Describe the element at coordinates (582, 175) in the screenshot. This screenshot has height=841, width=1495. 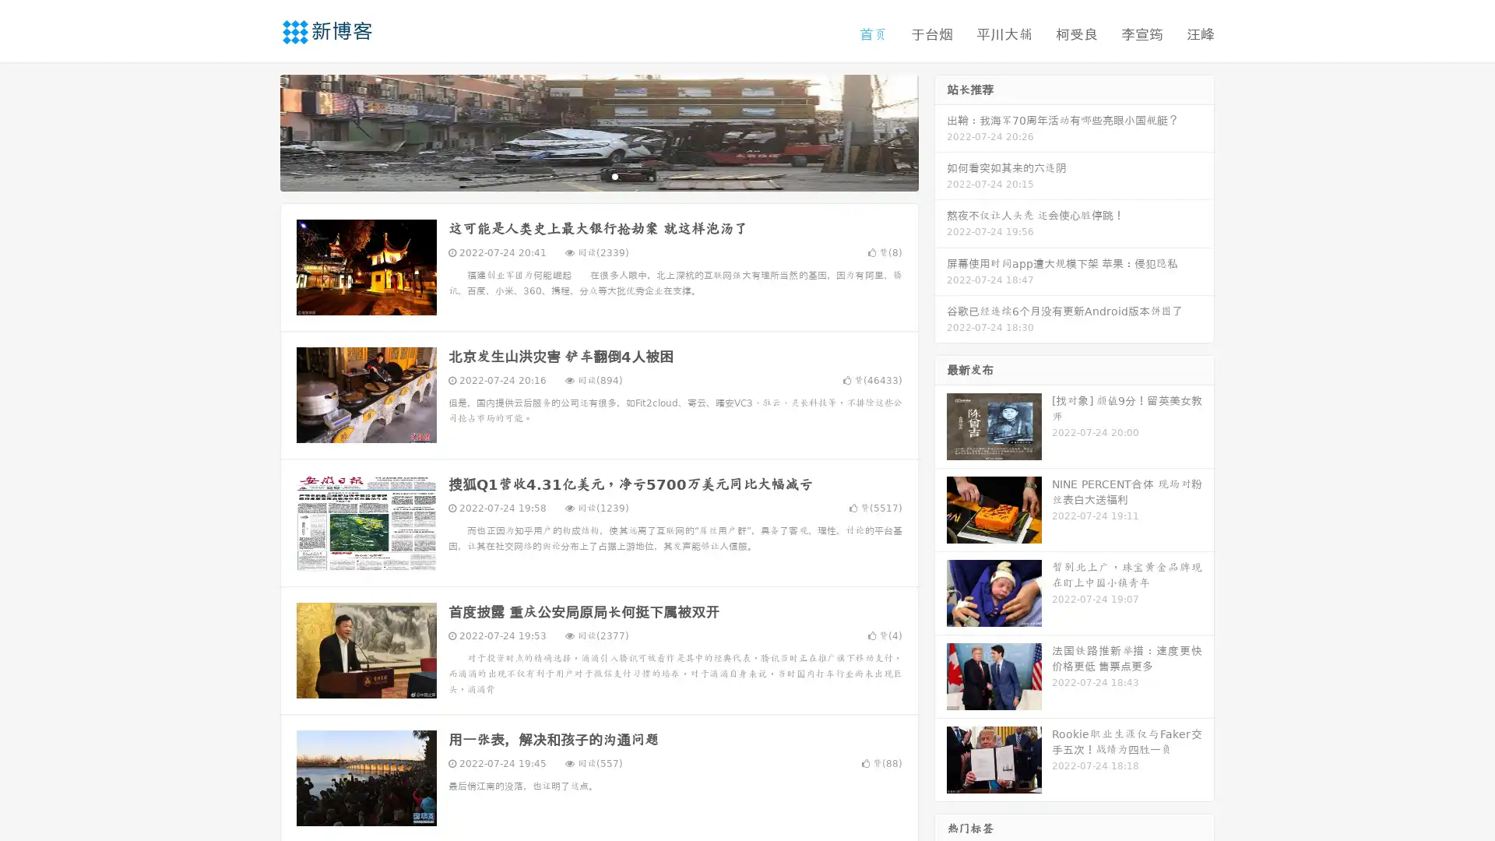
I see `Go to slide 1` at that location.